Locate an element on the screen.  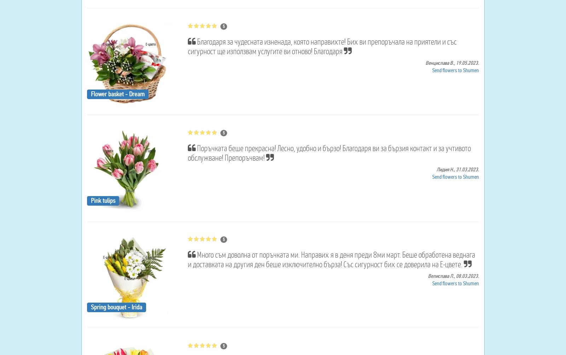
'08.03.2023.' is located at coordinates (467, 275).